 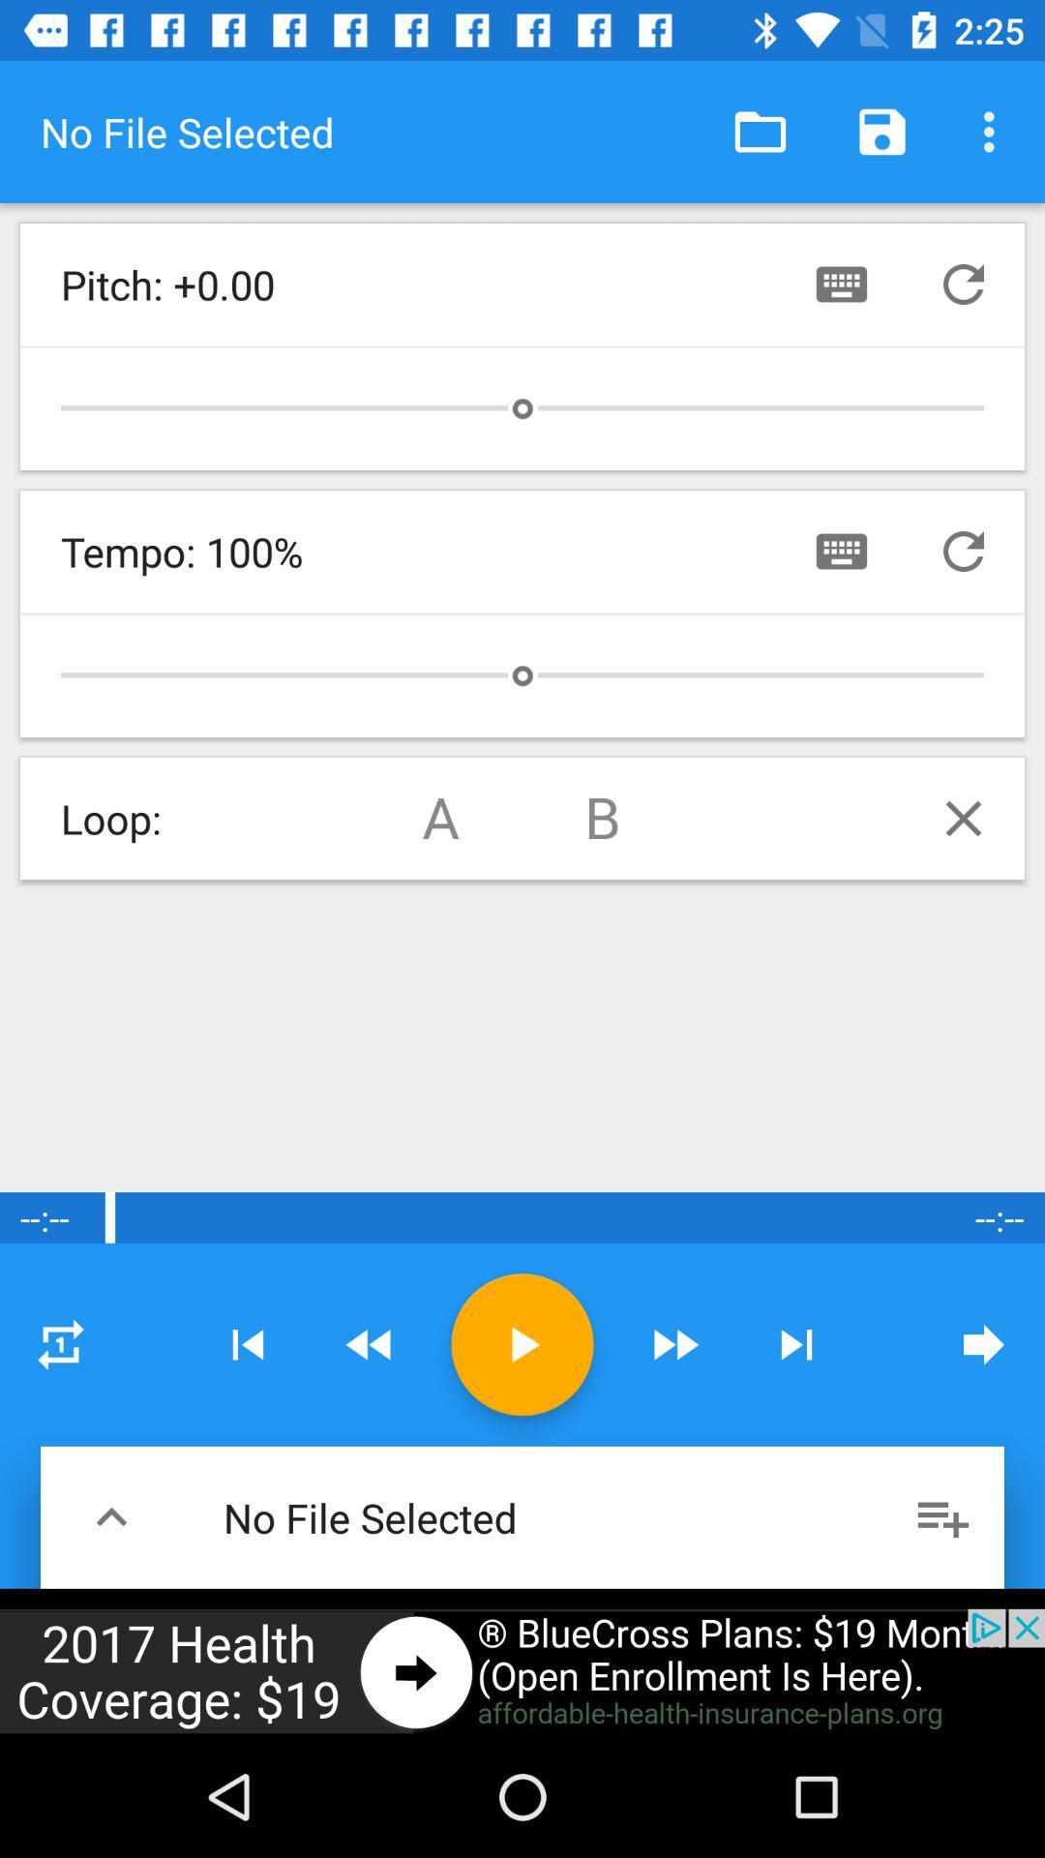 I want to click on previous, so click(x=247, y=1343).